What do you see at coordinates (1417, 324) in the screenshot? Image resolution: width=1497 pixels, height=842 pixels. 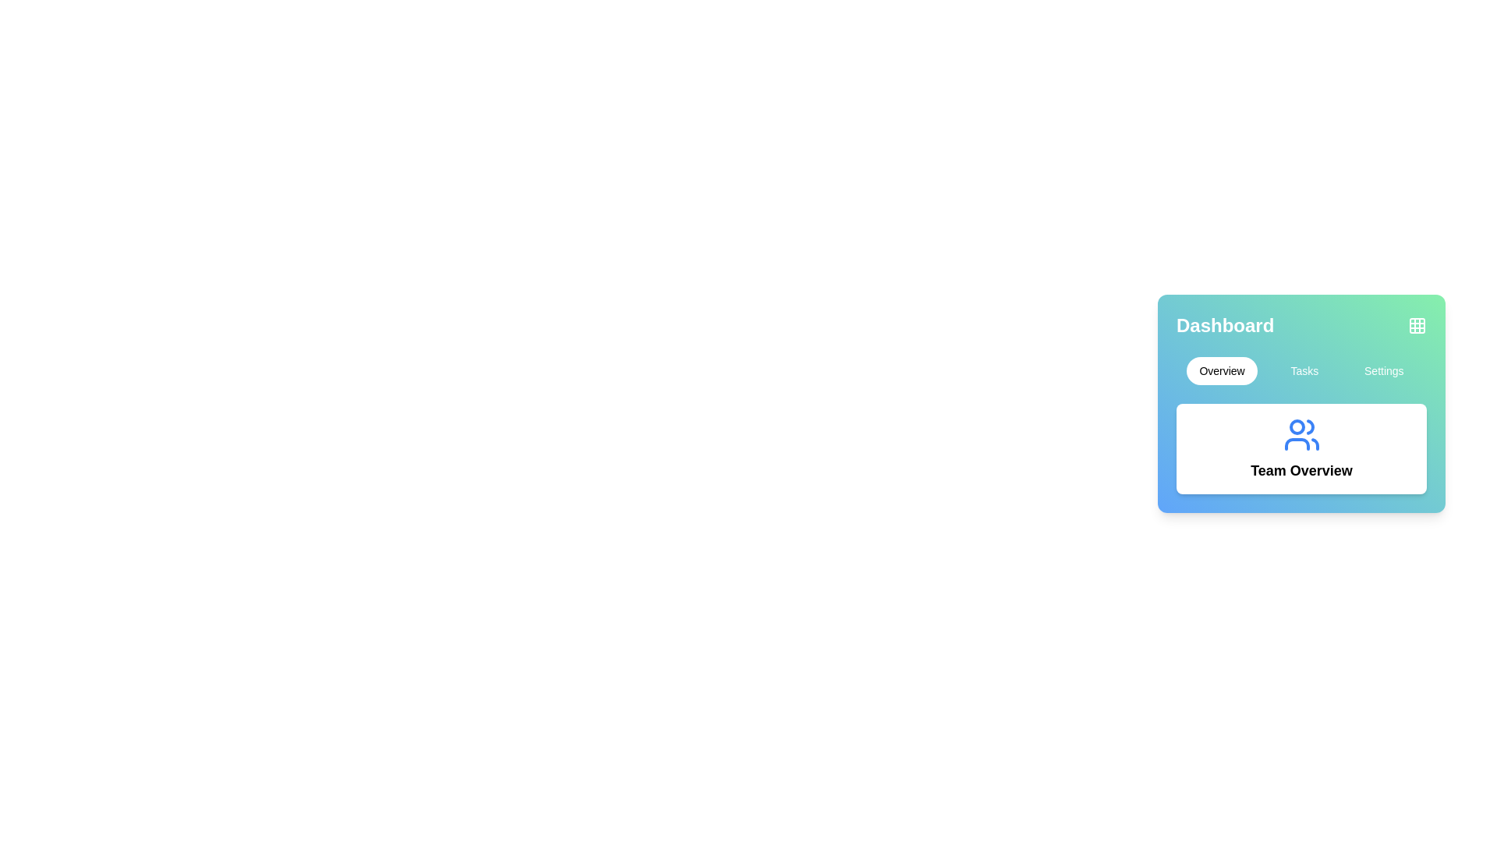 I see `the grid icon button in the upper-right corner of the Dashboard panel` at bounding box center [1417, 324].